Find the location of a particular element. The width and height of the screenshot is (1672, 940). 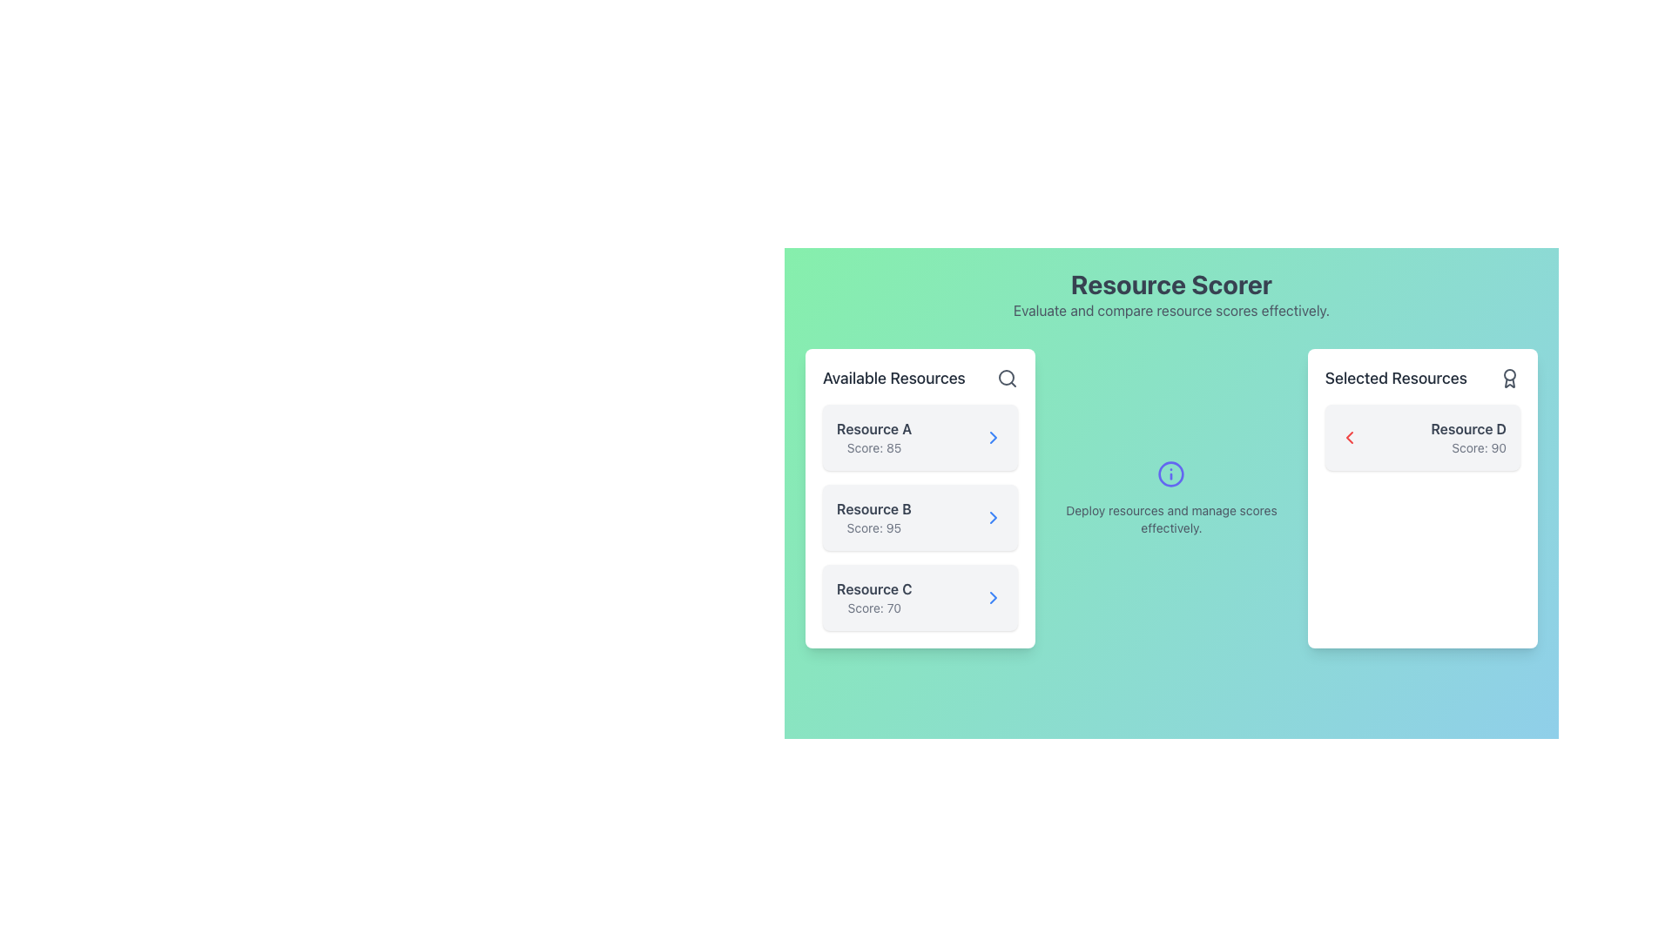

the arrow associated with 'Resource B' in the second item of the 'Available Resources' list is located at coordinates (920, 499).